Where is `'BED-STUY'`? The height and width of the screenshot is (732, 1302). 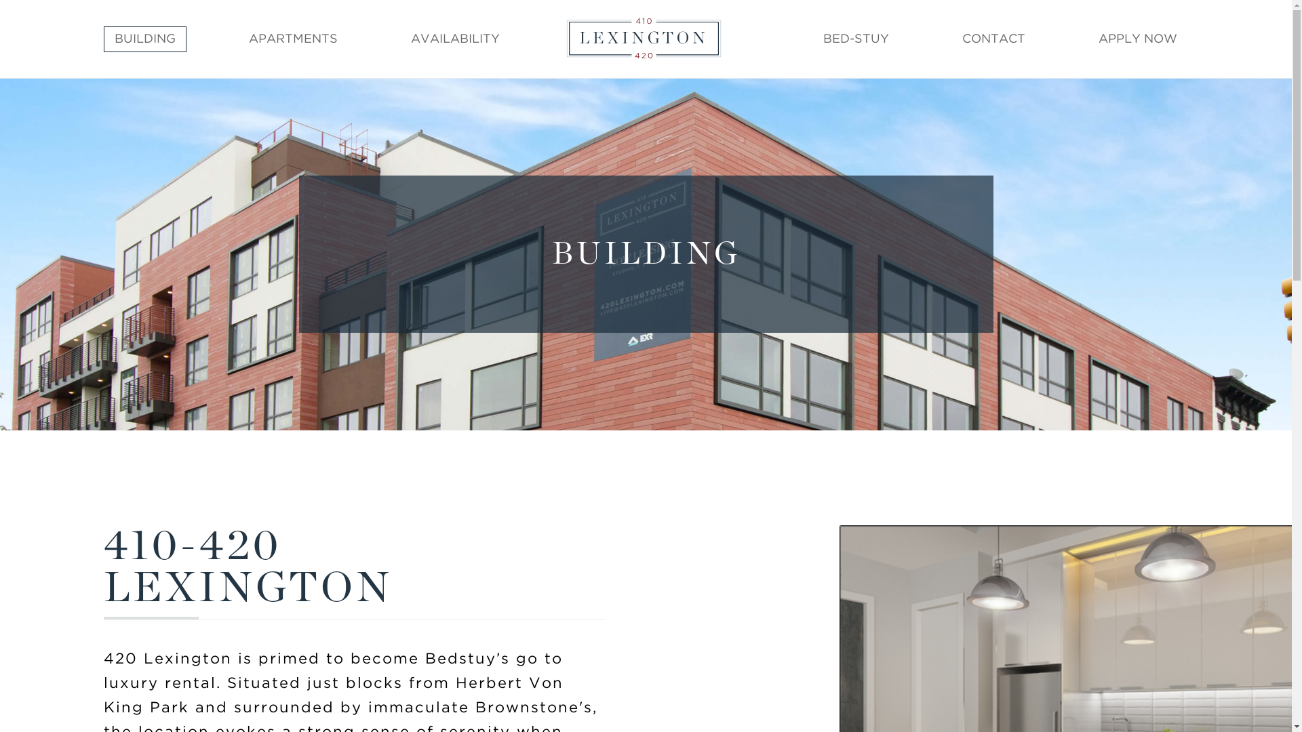 'BED-STUY' is located at coordinates (855, 38).